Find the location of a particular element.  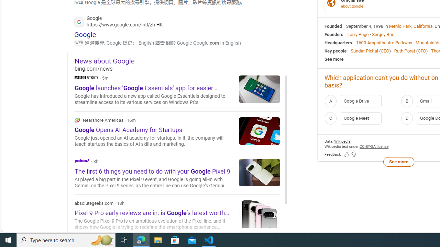

'Sergey Brin' is located at coordinates (383, 34).